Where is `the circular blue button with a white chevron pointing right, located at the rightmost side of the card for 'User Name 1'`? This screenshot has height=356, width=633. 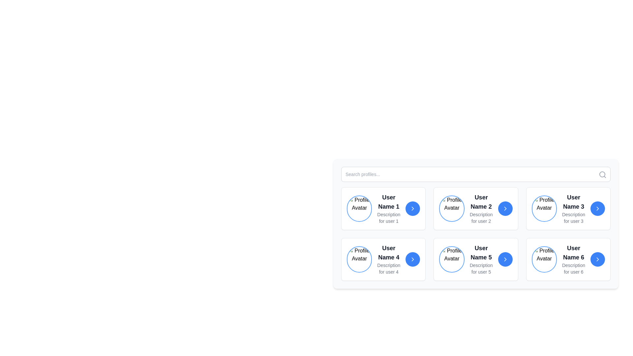 the circular blue button with a white chevron pointing right, located at the rightmost side of the card for 'User Name 1' is located at coordinates (412, 208).